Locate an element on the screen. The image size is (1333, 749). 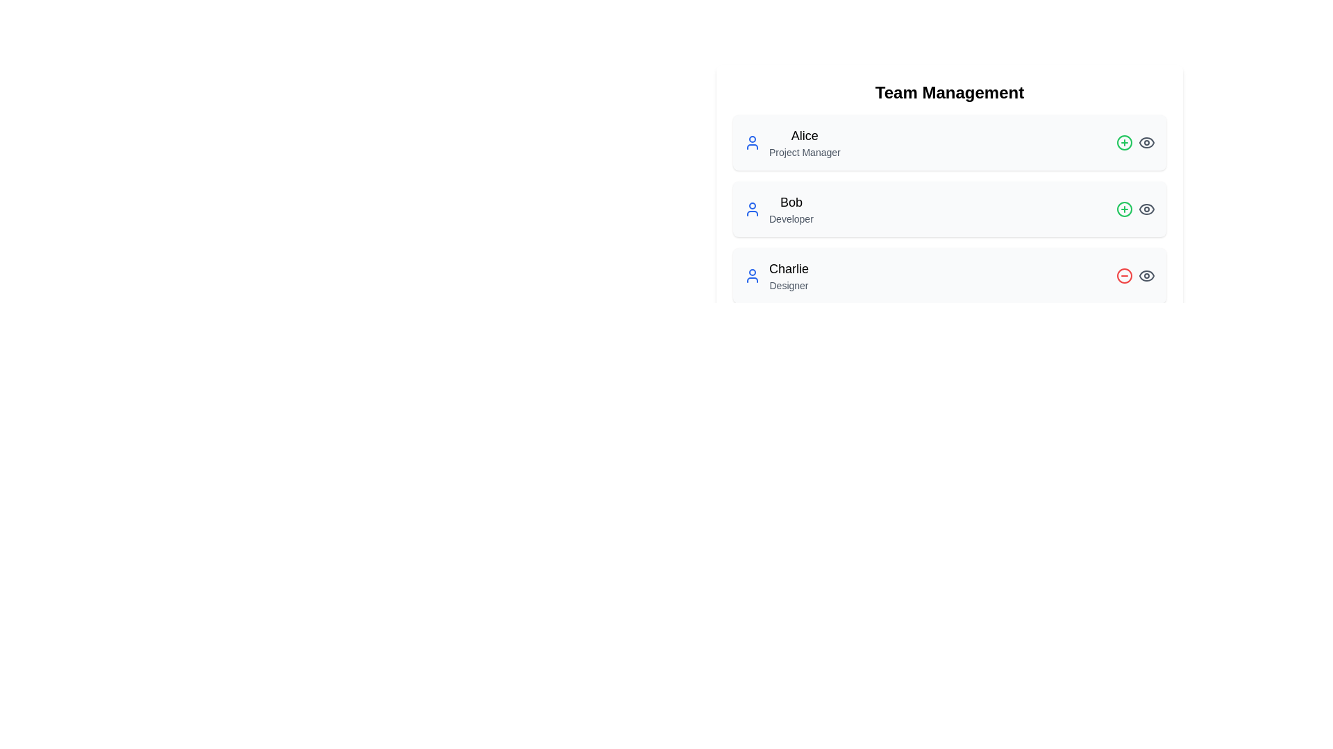
the Plus icon for Alice is located at coordinates (1125, 142).